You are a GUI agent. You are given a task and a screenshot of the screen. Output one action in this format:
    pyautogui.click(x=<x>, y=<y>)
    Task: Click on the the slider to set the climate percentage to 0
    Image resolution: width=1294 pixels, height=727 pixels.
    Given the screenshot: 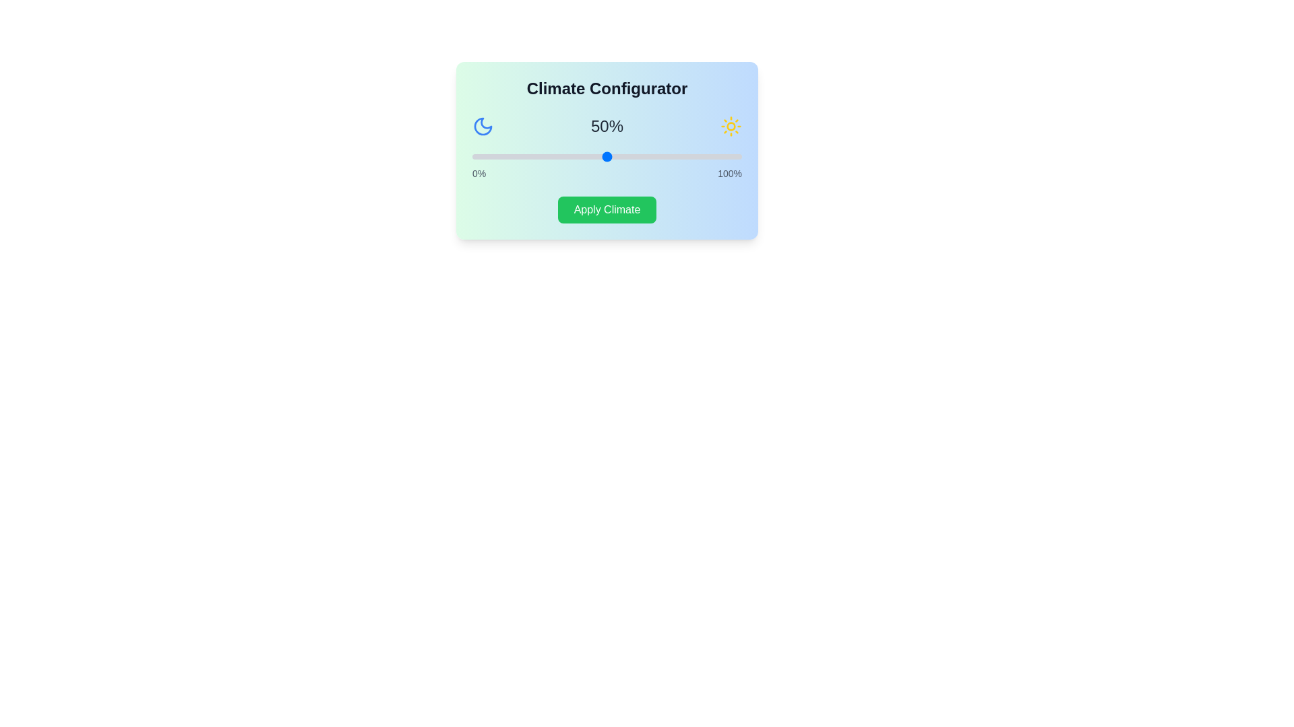 What is the action you would take?
    pyautogui.click(x=472, y=155)
    